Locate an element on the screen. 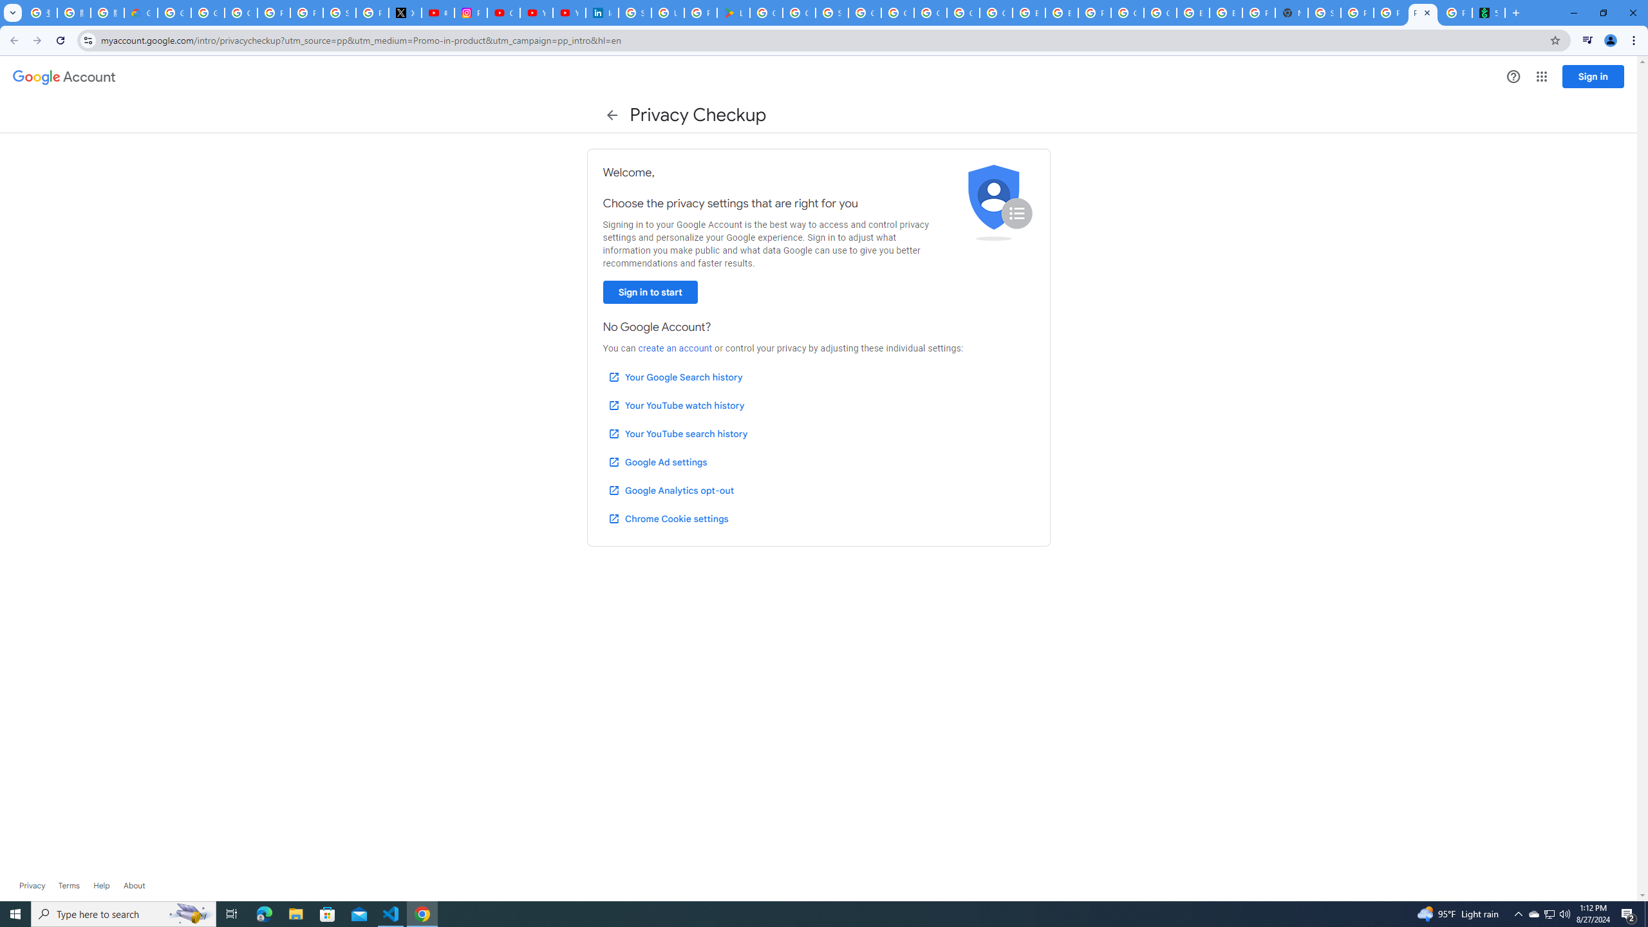  'Google Ad settings' is located at coordinates (657, 461).